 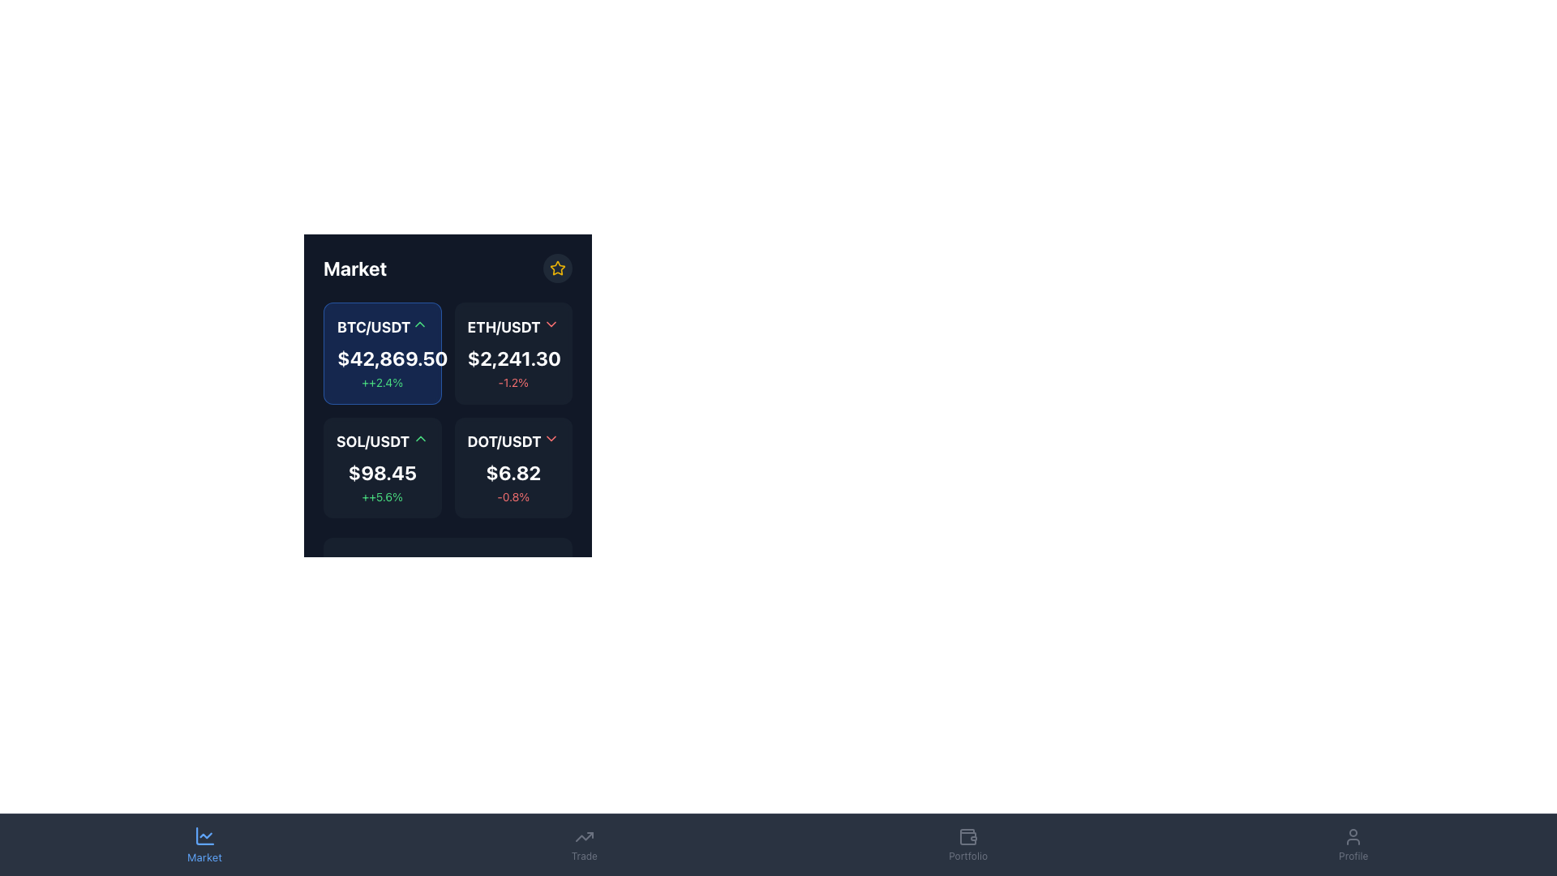 What do you see at coordinates (381, 441) in the screenshot?
I see `the Text label displaying 'SOL/USDT' with the upwards green arrow icon located in the top left corner of the financial pair card` at bounding box center [381, 441].